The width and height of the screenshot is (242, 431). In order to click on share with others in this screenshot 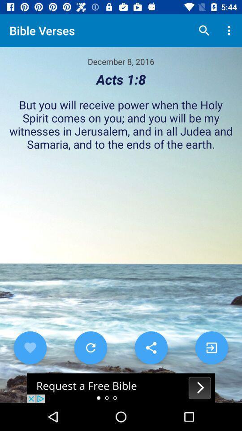, I will do `click(151, 347)`.